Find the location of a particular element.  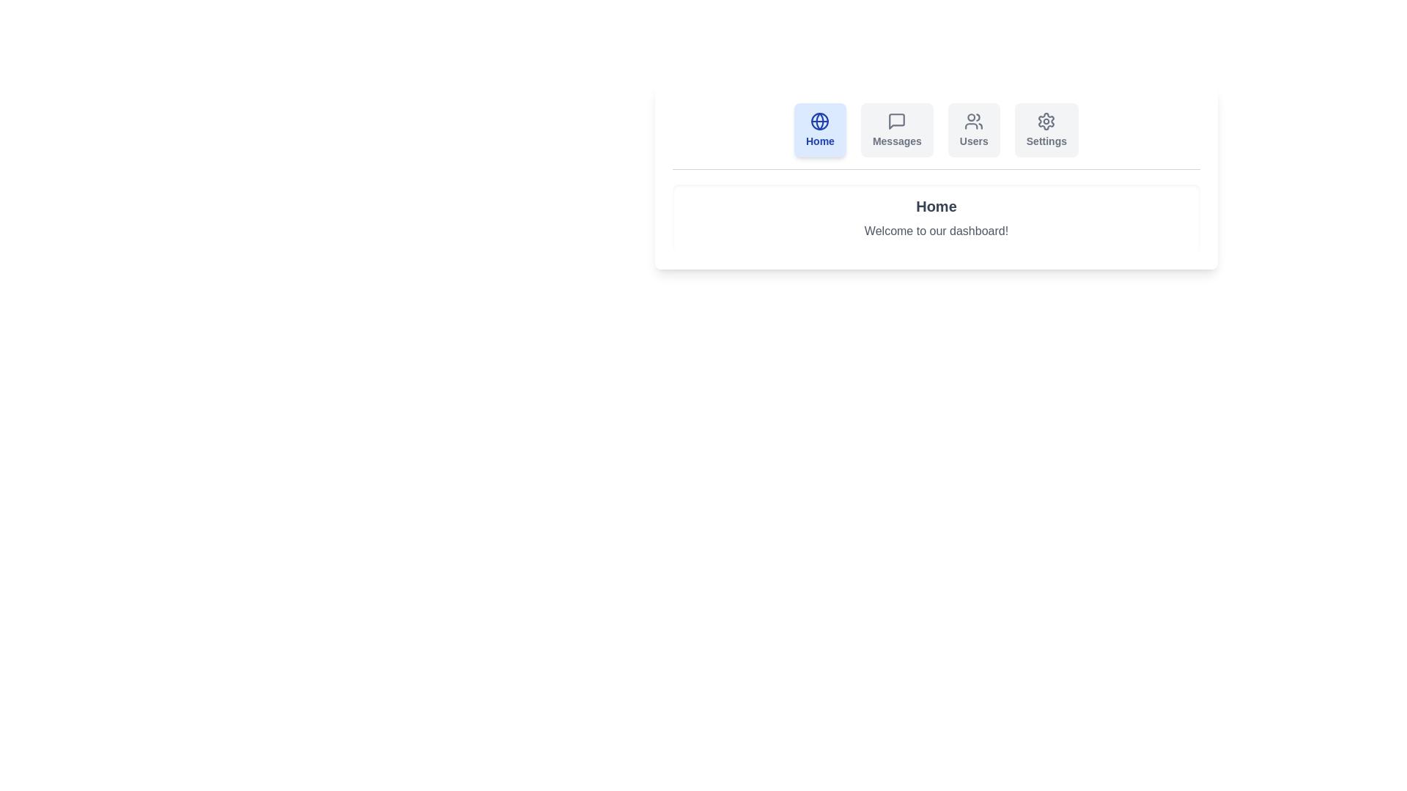

the tab labeled Messages to observe its hover effect is located at coordinates (896, 129).